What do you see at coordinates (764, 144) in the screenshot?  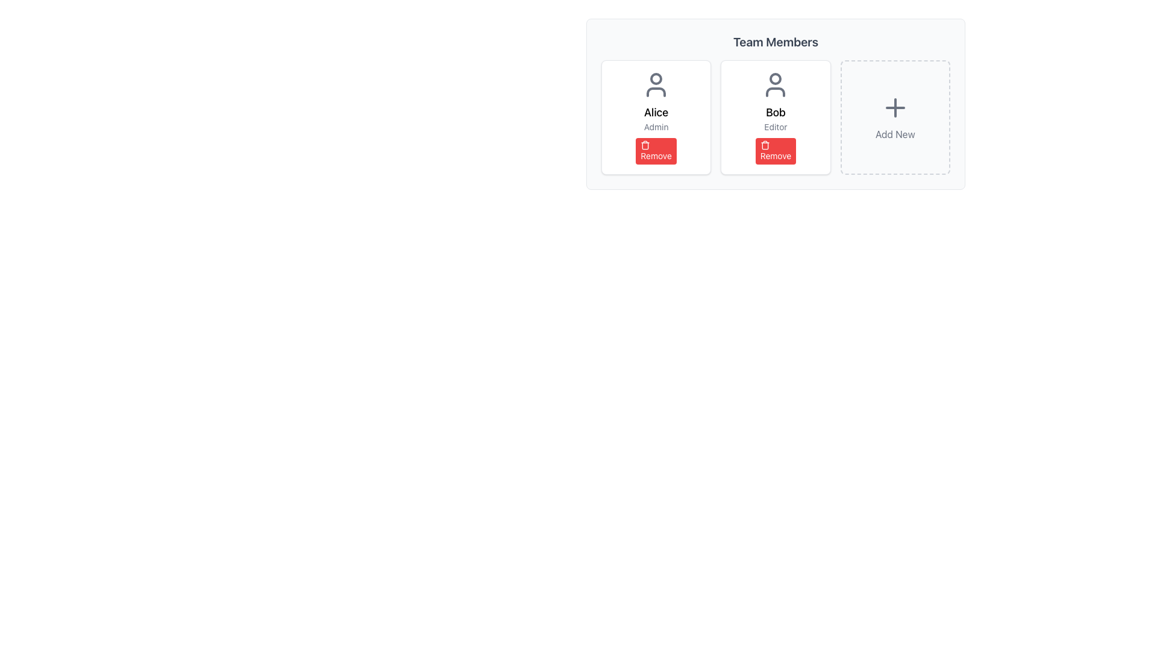 I see `the 'Remove' button icon below Bob's card in the 'Team Members' section` at bounding box center [764, 144].